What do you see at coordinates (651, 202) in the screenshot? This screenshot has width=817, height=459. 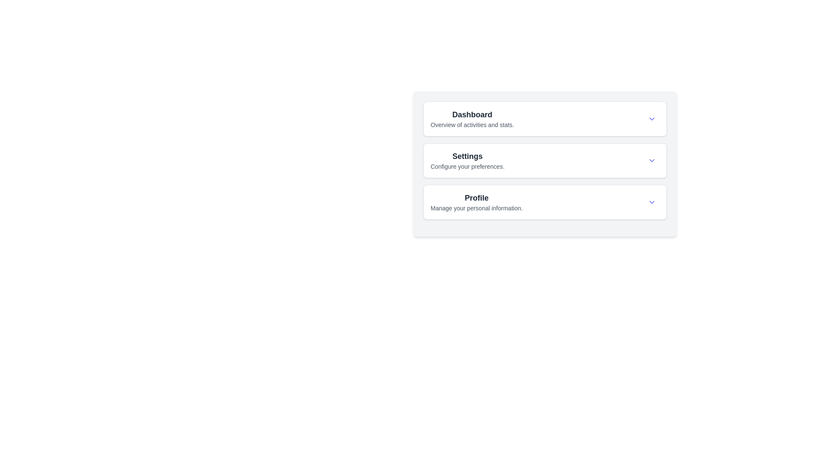 I see `the downward chevron button styled in indigo at the bottom right of the 'Profile' section` at bounding box center [651, 202].